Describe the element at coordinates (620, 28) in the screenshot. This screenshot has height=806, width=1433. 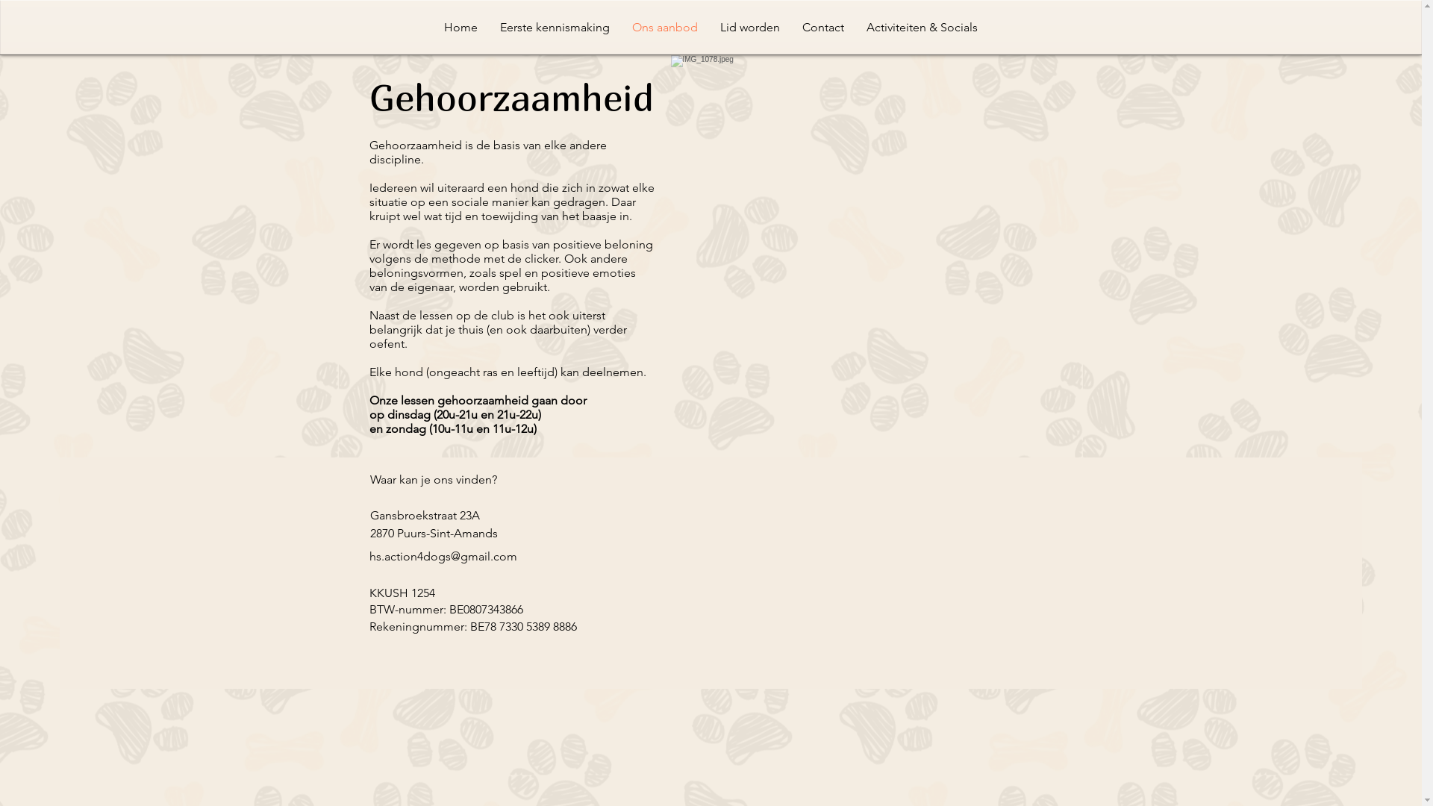
I see `'Ons aanbod'` at that location.